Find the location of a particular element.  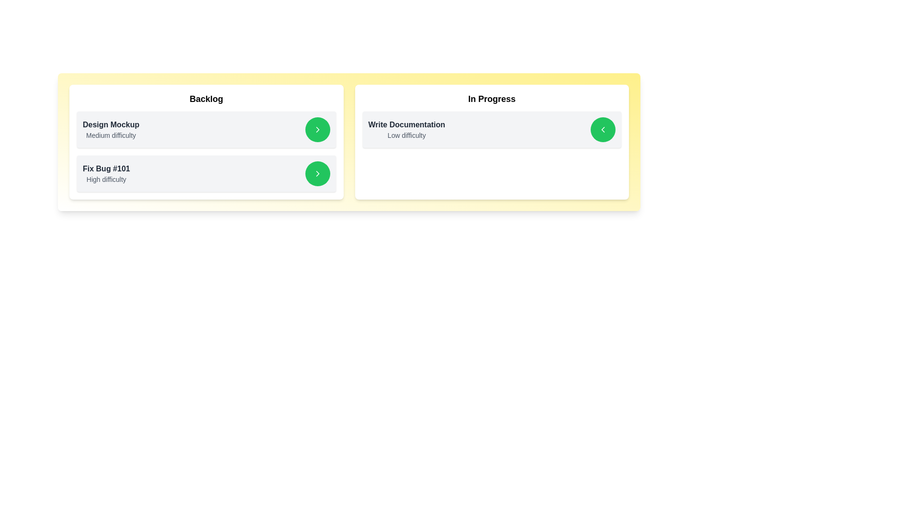

left arrow button next to the 'Write Documentation' task in the 'In Progress' column to move it to the 'Backlog' column is located at coordinates (602, 129).